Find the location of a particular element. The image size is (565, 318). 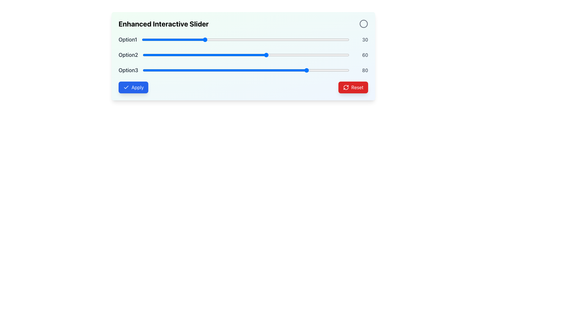

the slider is located at coordinates (166, 40).